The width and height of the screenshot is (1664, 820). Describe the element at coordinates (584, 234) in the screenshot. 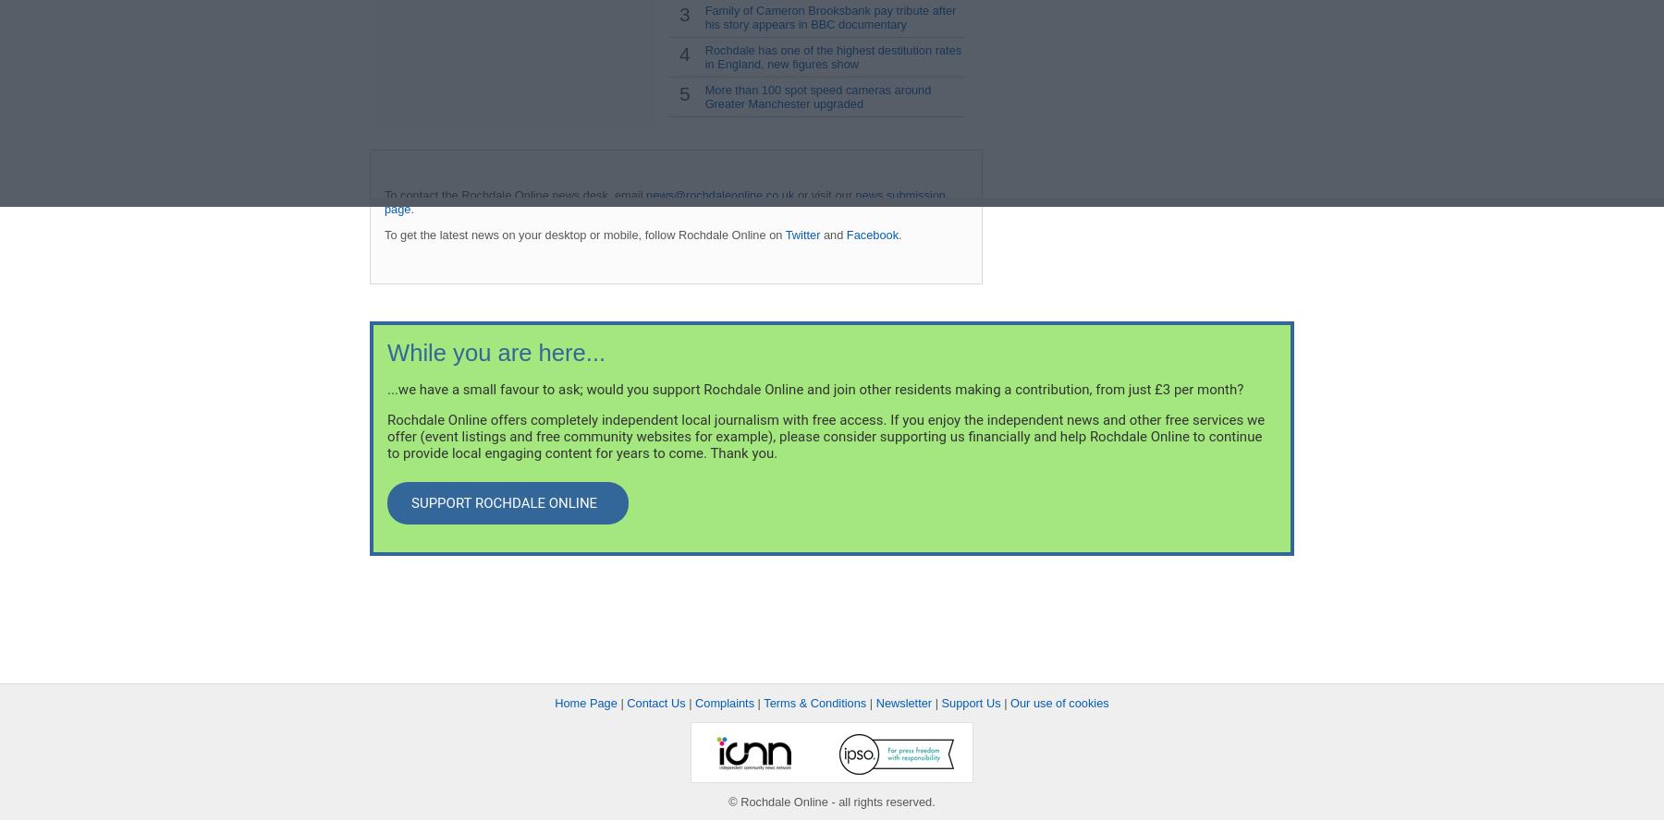

I see `'To get the latest news on your desktop or mobile, follow Rochdale Online  on'` at that location.